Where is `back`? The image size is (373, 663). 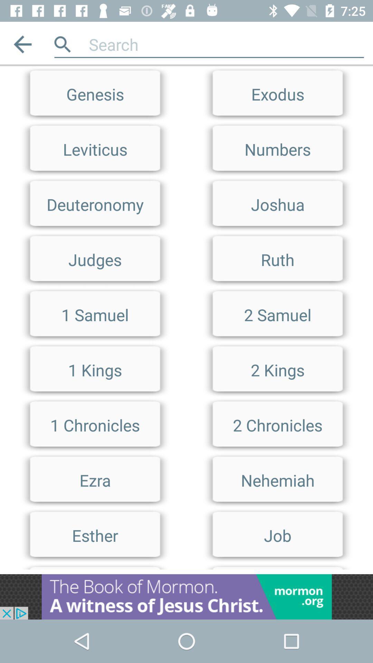 back is located at coordinates (22, 44).